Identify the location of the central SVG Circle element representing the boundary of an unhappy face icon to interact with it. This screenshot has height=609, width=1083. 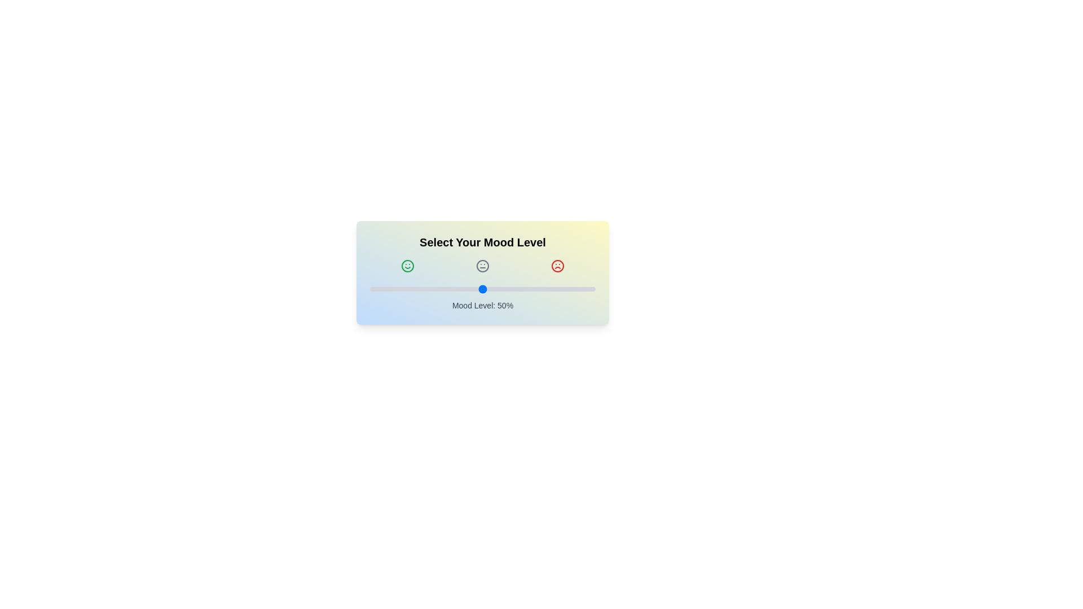
(558, 266).